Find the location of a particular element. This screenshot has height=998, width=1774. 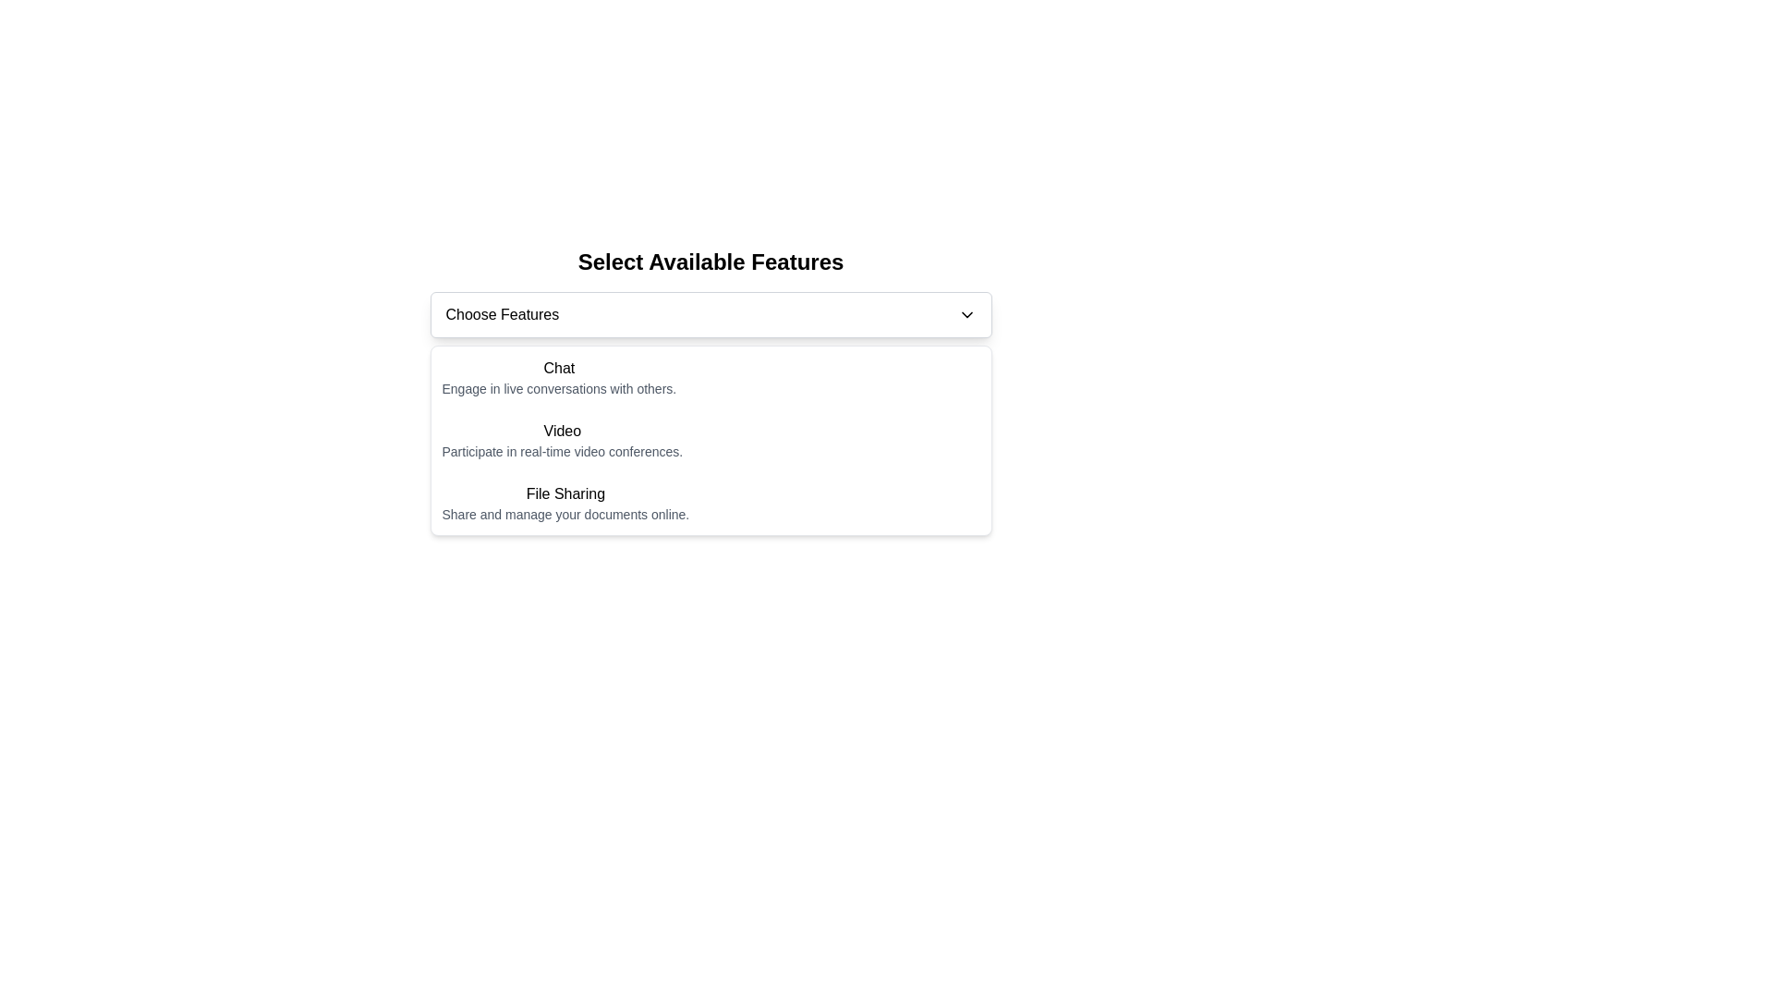

the header element that serves as a title for the section, indicating the selection of available features is located at coordinates (710, 262).